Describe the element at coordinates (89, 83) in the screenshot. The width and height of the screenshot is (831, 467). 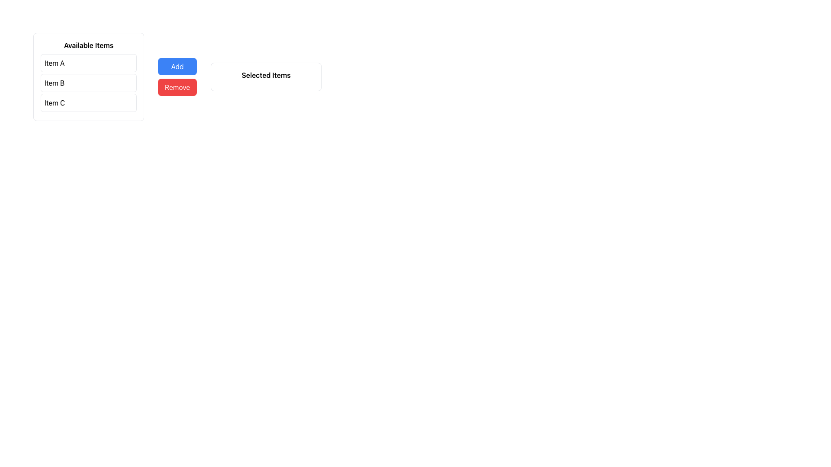
I see `to select the second item, 'Item B', in the 'Available Items' list located on the left side of the interface` at that location.